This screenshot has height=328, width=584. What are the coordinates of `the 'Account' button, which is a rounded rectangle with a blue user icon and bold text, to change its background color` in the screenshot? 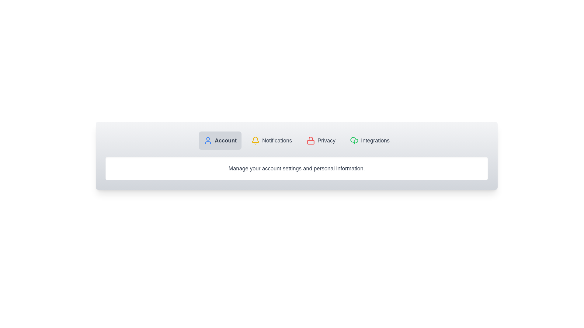 It's located at (220, 140).